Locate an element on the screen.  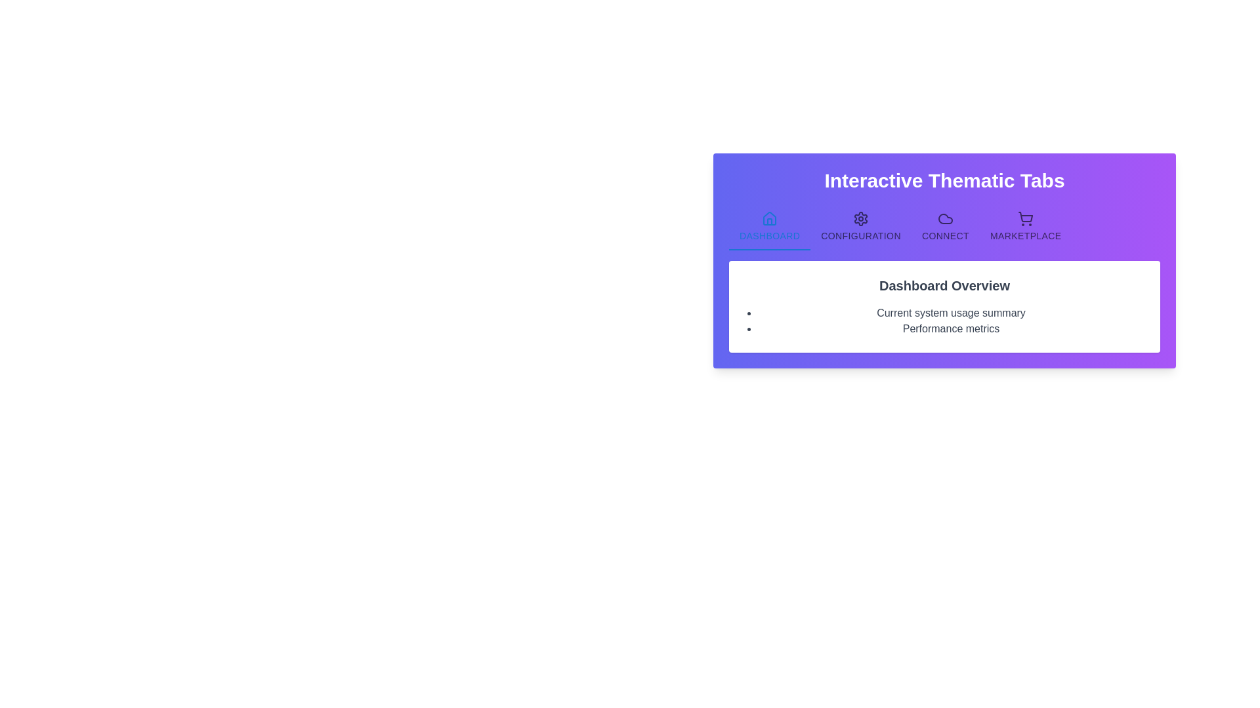
the 'Dashboard' tab icon in the navigation bar is located at coordinates (770, 218).